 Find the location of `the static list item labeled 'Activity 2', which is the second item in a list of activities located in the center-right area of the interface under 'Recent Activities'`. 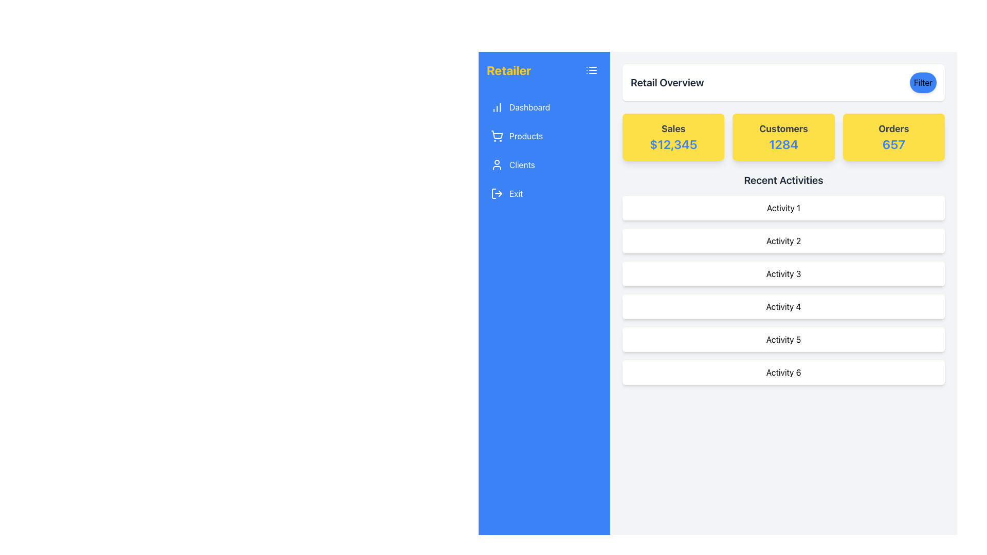

the static list item labeled 'Activity 2', which is the second item in a list of activities located in the center-right area of the interface under 'Recent Activities' is located at coordinates (783, 241).